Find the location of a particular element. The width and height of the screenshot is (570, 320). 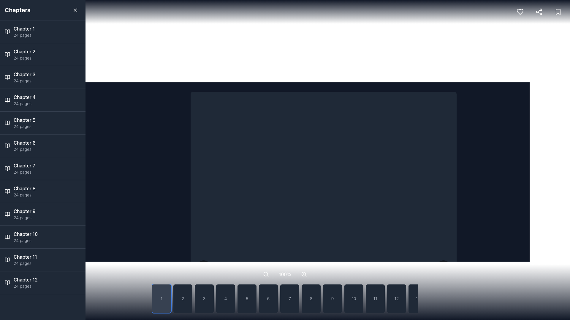

the open book icon located in the left panel, adjacent to the text 'Chapter 5 24 pages' is located at coordinates (7, 123).